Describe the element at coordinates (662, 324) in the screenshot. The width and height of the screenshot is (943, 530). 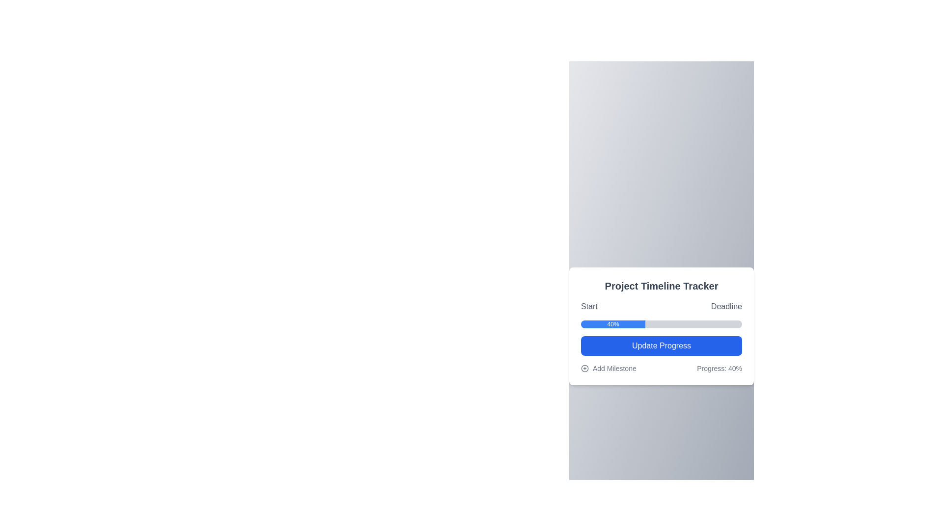
I see `the Progress Bar indicating a 40% completion rate, located in the Project Timeline Tracker card, below the 'Start' and 'Deadline' labels, and above the 'Update Progress' button` at that location.